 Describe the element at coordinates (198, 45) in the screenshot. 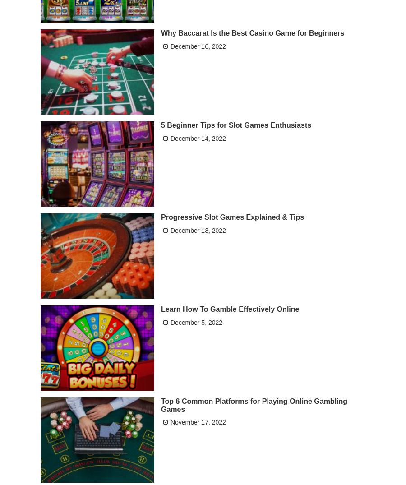

I see `'December 16, 2022'` at that location.